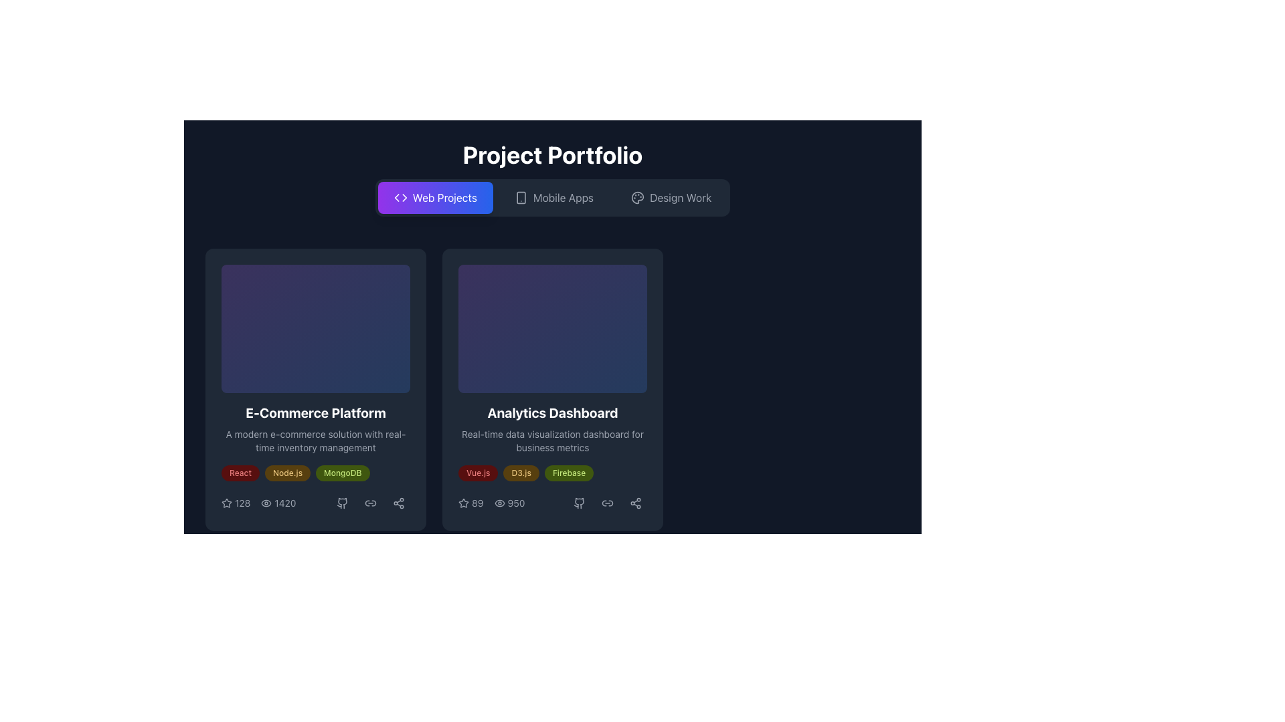 This screenshot has width=1285, height=722. What do you see at coordinates (552, 441) in the screenshot?
I see `the text block containing 'Real-time data visualization dashboard for business metrics' located beneath the title 'Analytics Dashboard'` at bounding box center [552, 441].